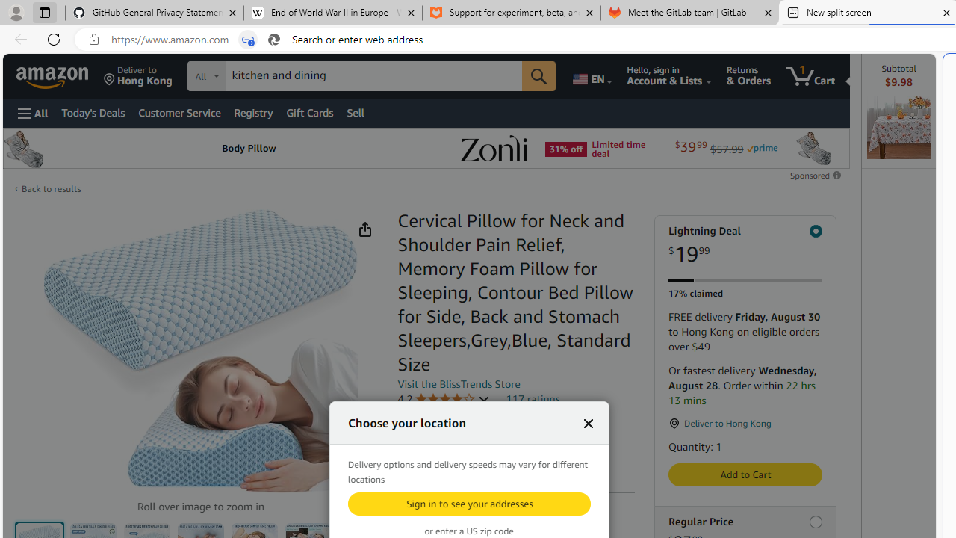 The height and width of the screenshot is (538, 956). What do you see at coordinates (332, 13) in the screenshot?
I see `'End of World War II in Europe - Wikipedia'` at bounding box center [332, 13].